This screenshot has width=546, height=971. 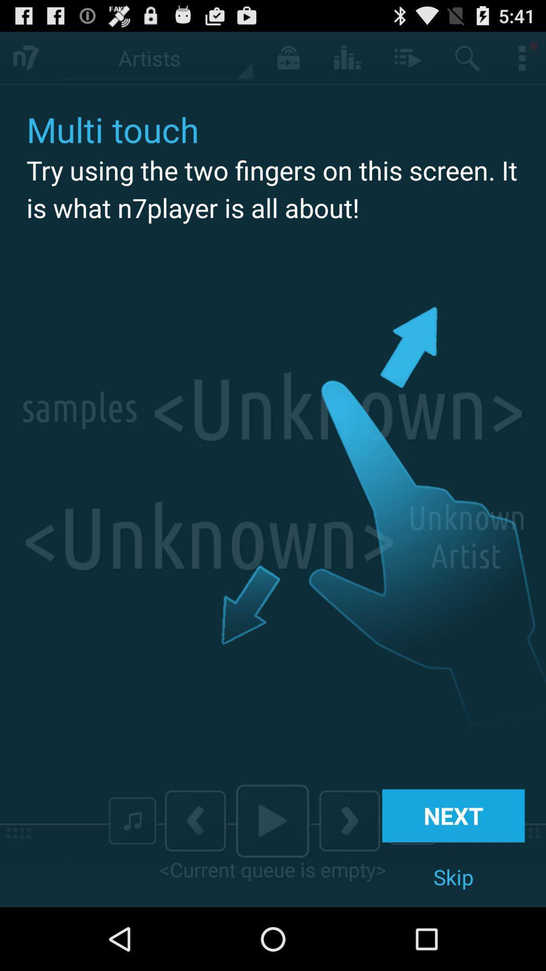 I want to click on the play icon, so click(x=272, y=878).